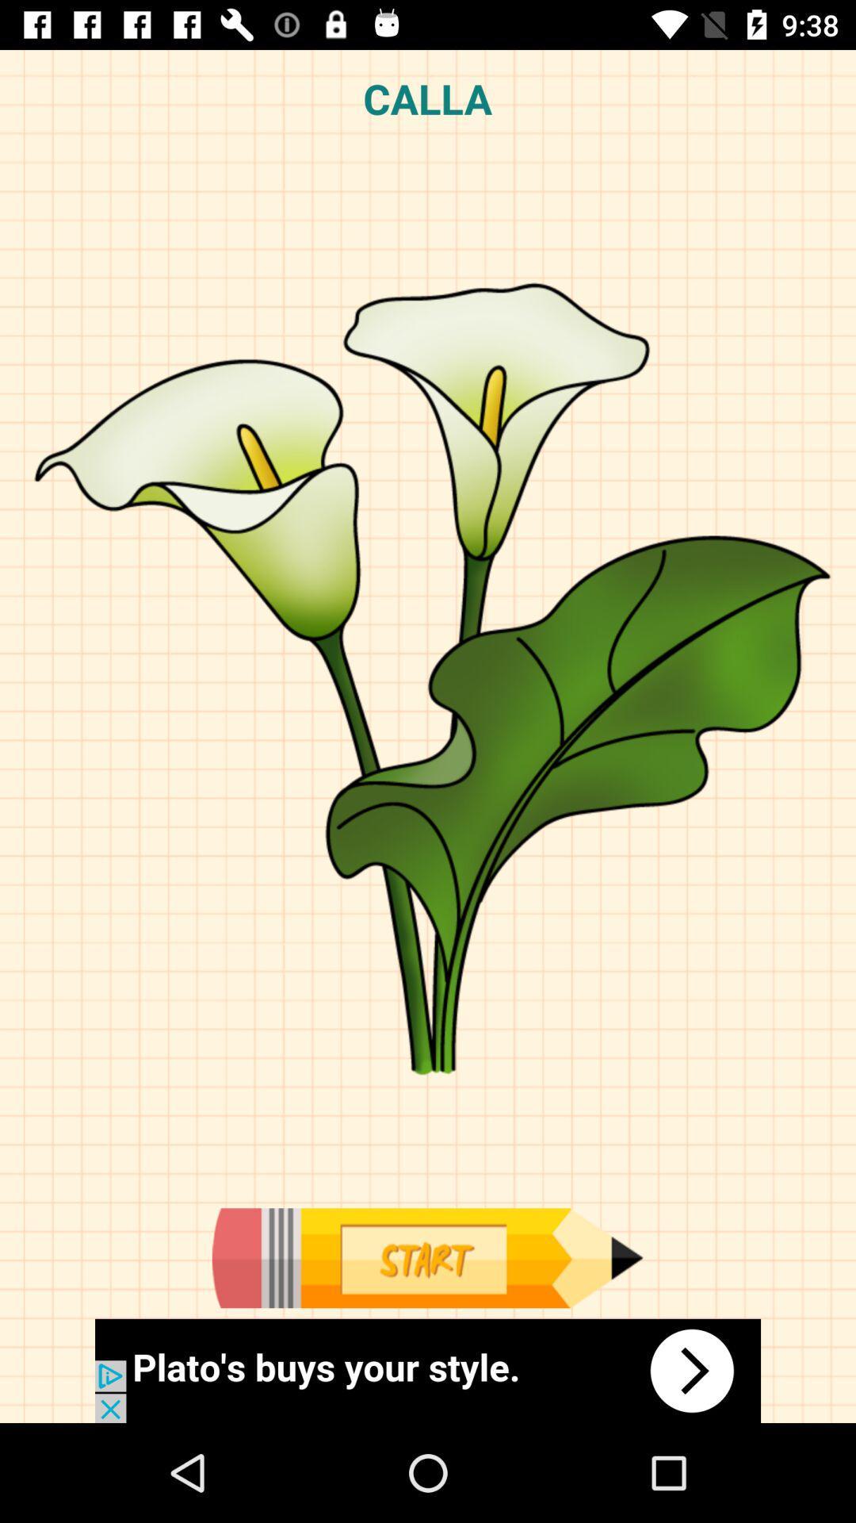 This screenshot has width=856, height=1523. I want to click on start button, so click(426, 1257).